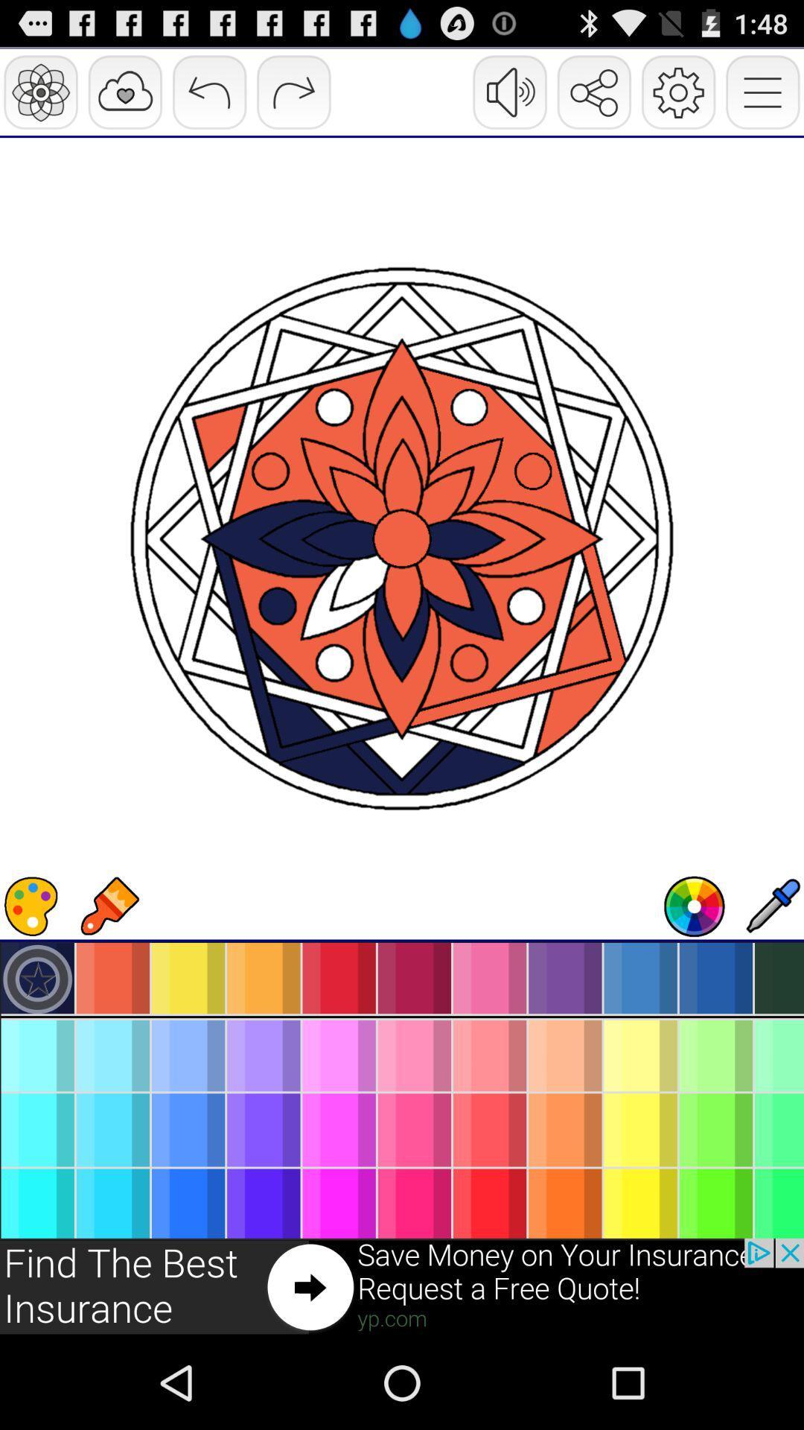  I want to click on paint brush, so click(108, 906).